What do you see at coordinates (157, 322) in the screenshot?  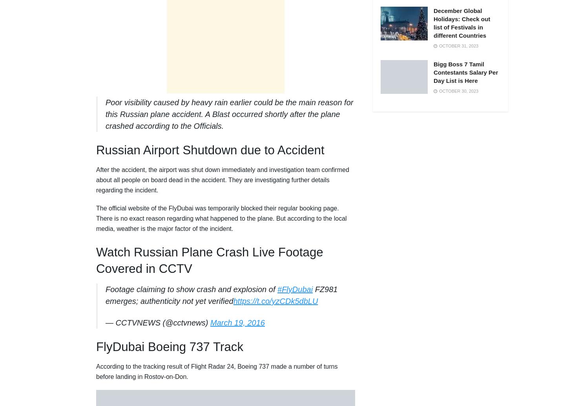 I see `'— CCTVNEWS (@cctvnews)'` at bounding box center [157, 322].